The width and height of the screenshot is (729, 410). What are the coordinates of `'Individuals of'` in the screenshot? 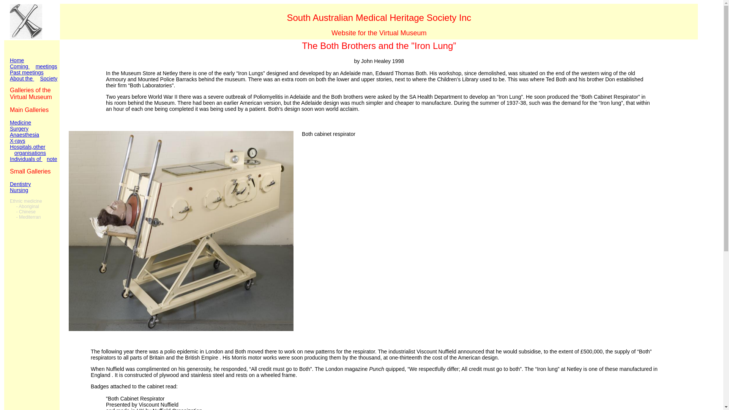 It's located at (9, 159).